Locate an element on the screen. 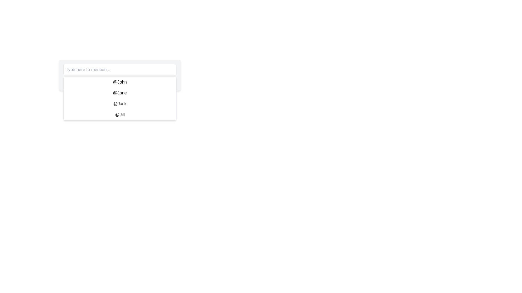 This screenshot has height=293, width=522. the selectable list item displaying the text '@John' is located at coordinates (120, 82).